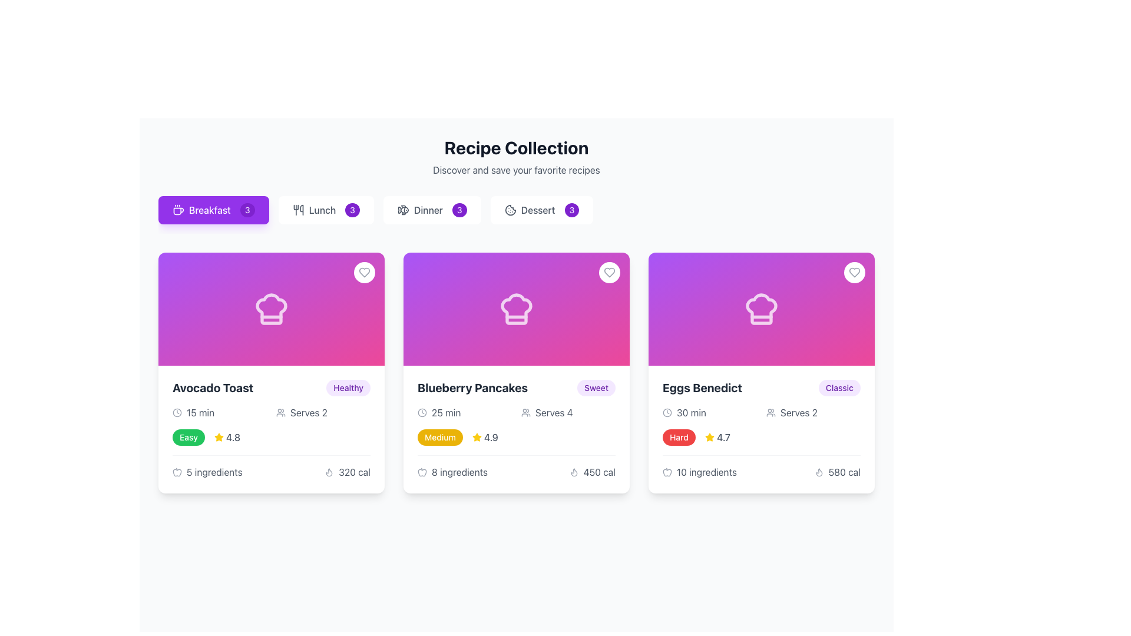 The height and width of the screenshot is (636, 1131). I want to click on the gray user group icon located in the 'Eggs Benedict' recipe card, next to the text 'Serves 2' in the second row of information, so click(771, 412).